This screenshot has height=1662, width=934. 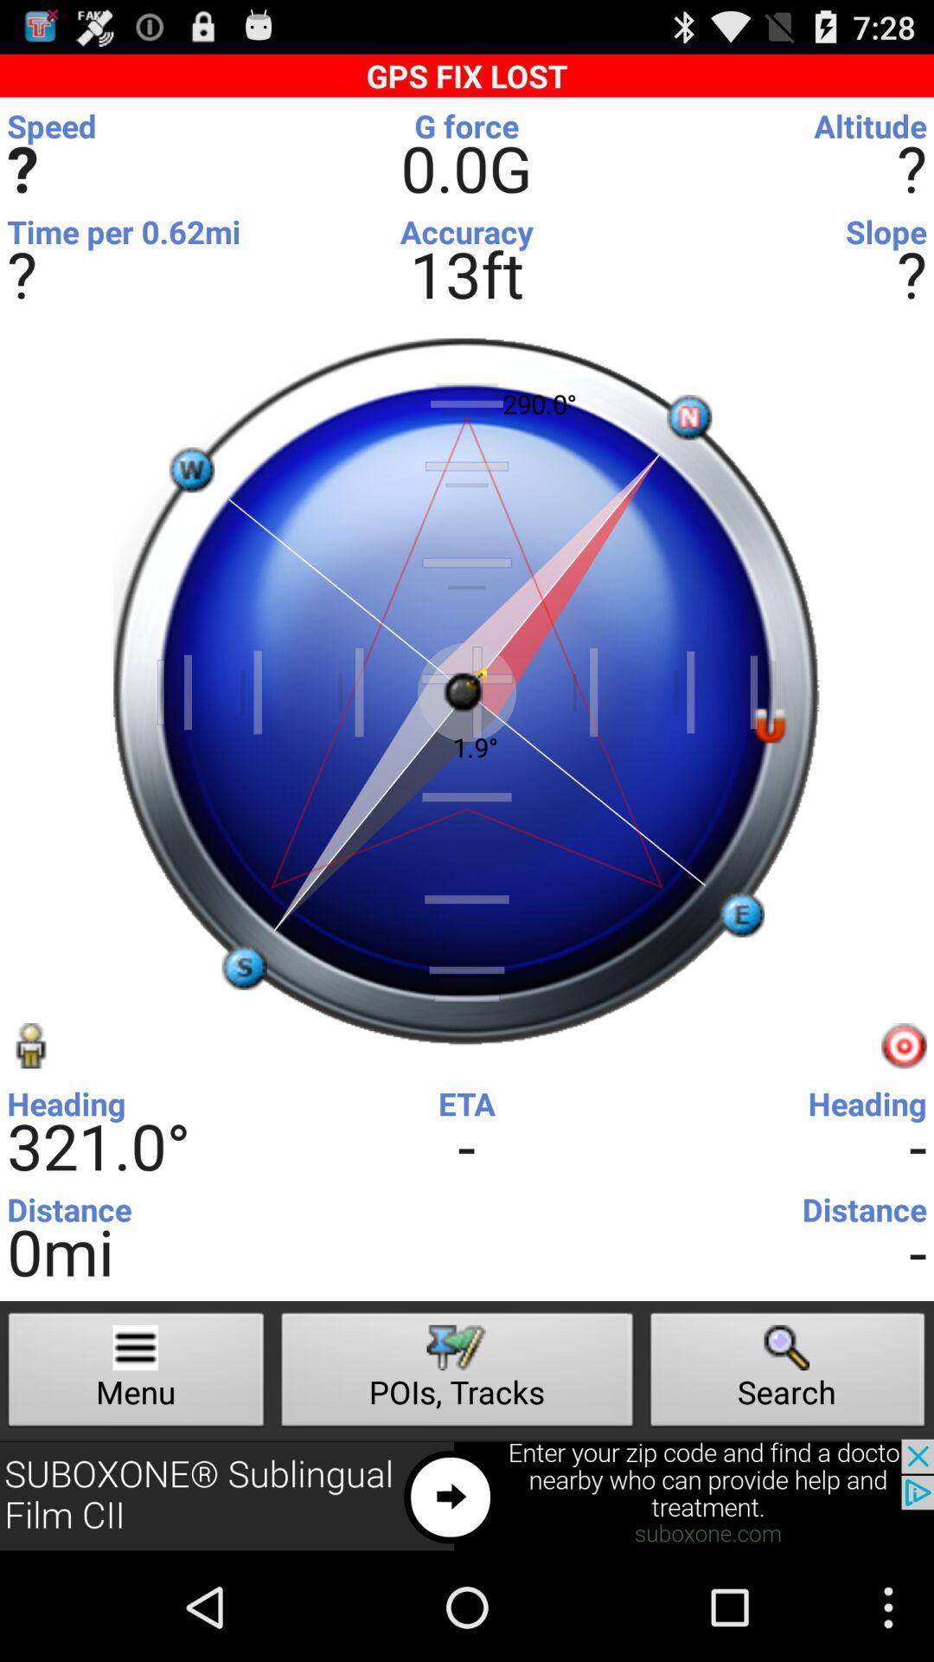 I want to click on time speed selection, so click(x=462, y=130).